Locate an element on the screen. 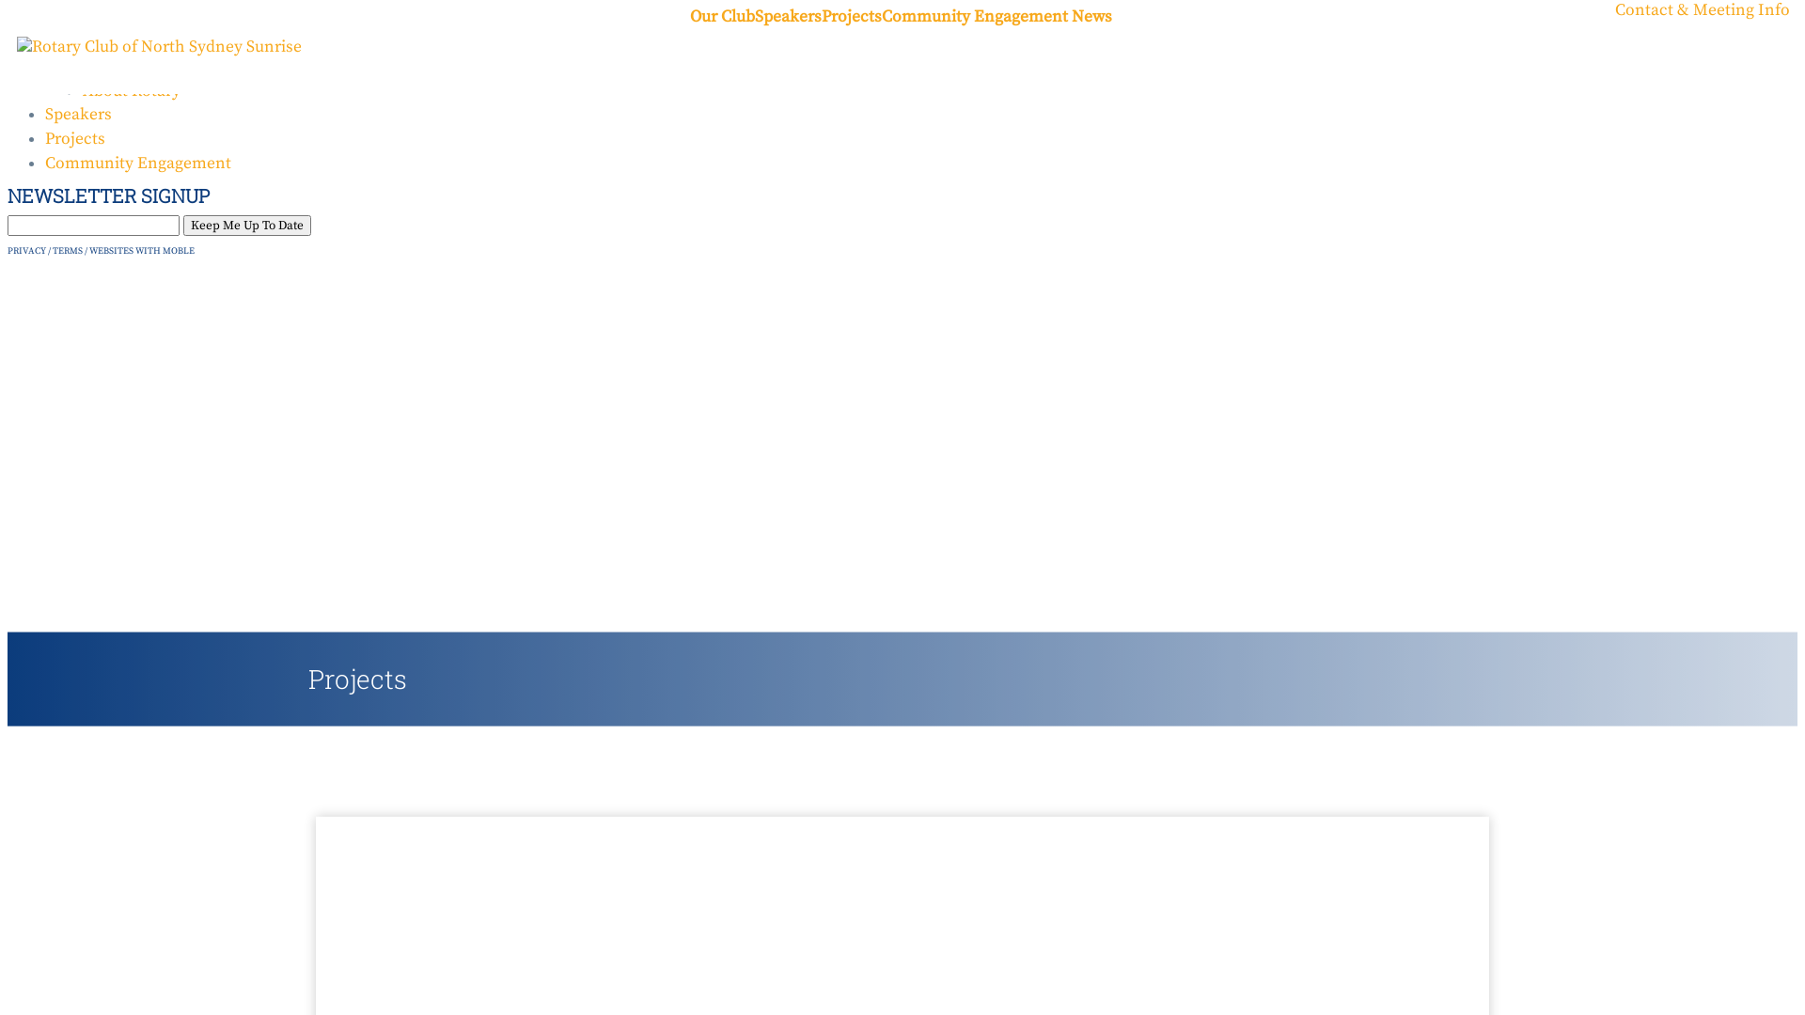 This screenshot has width=1805, height=1015. 'WEBSITES WITH MOBLE' is located at coordinates (88, 249).